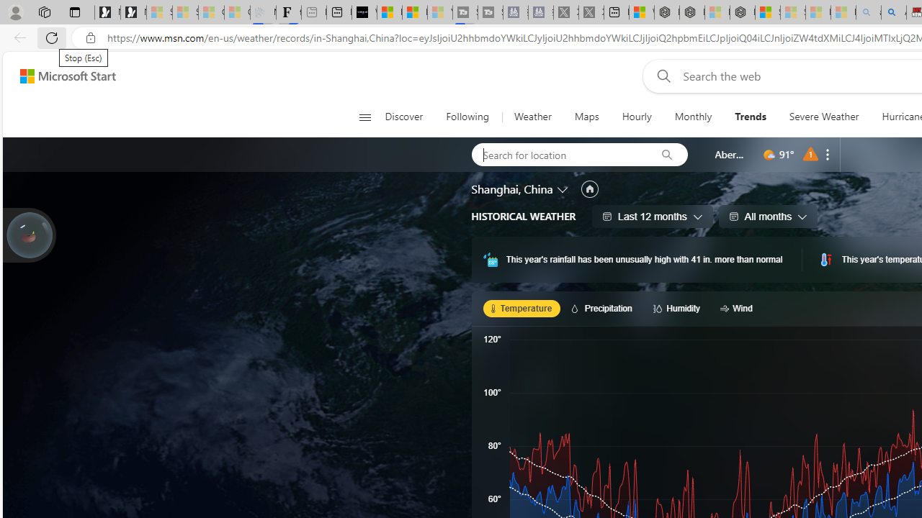 Image resolution: width=922 pixels, height=518 pixels. Describe the element at coordinates (15, 12) in the screenshot. I see `'Personal Profile'` at that location.